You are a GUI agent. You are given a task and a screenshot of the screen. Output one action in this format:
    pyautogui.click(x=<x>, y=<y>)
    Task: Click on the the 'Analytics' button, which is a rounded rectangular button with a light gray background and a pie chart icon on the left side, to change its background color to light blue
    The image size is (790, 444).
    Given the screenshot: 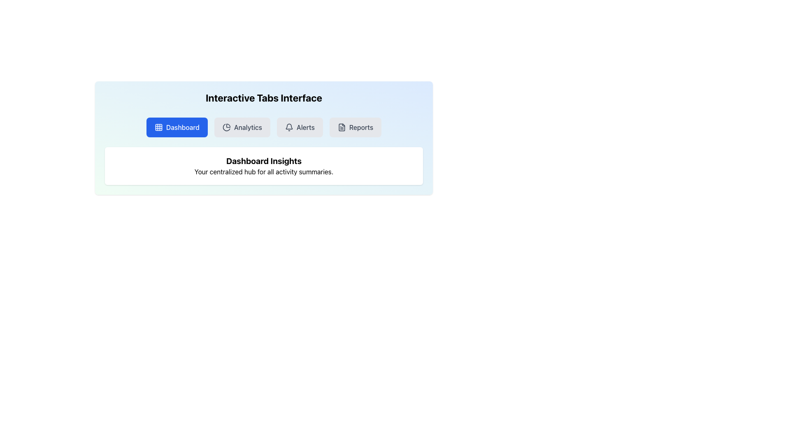 What is the action you would take?
    pyautogui.click(x=242, y=127)
    